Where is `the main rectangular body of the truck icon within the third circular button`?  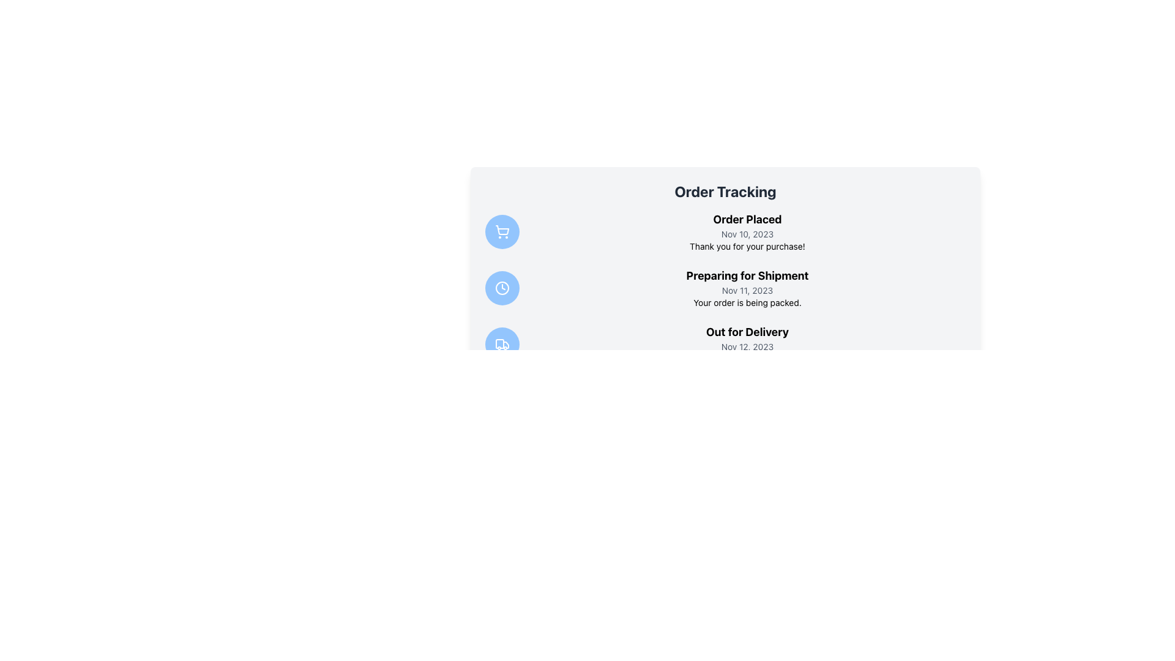
the main rectangular body of the truck icon within the third circular button is located at coordinates (499, 344).